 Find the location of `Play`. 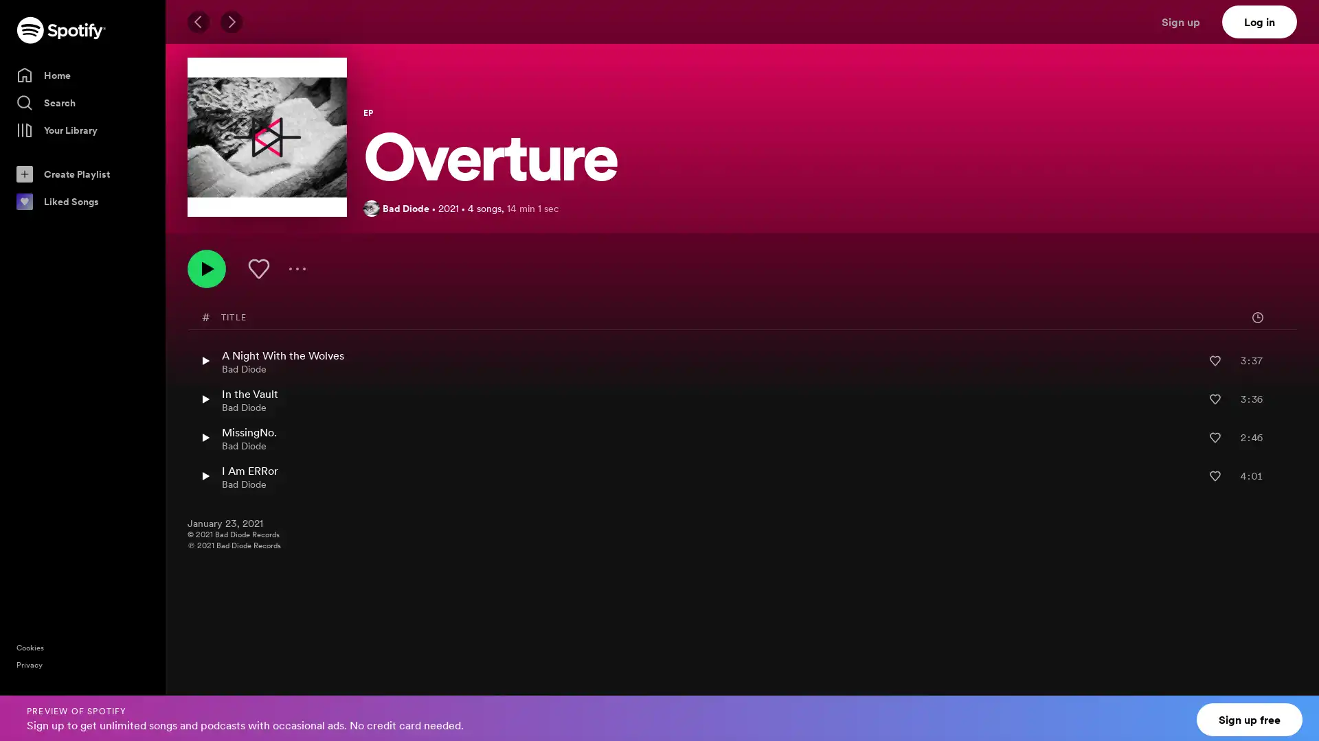

Play is located at coordinates (206, 269).